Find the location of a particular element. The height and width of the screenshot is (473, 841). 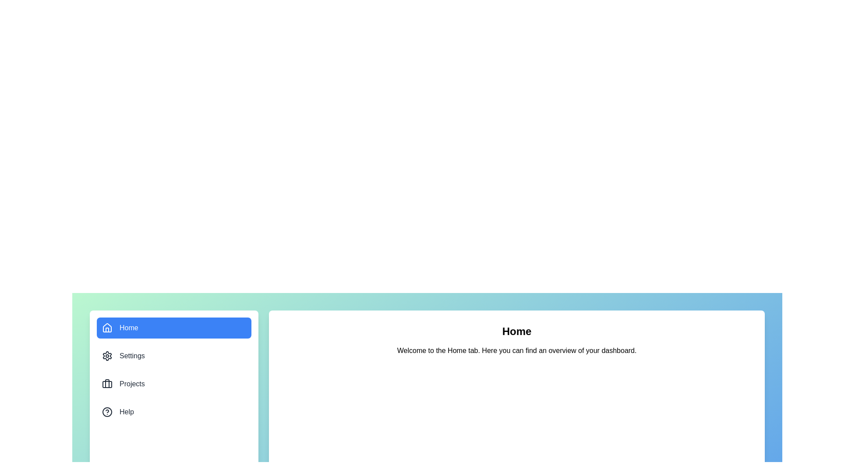

the menu item corresponding to Projects to view its content is located at coordinates (174, 383).